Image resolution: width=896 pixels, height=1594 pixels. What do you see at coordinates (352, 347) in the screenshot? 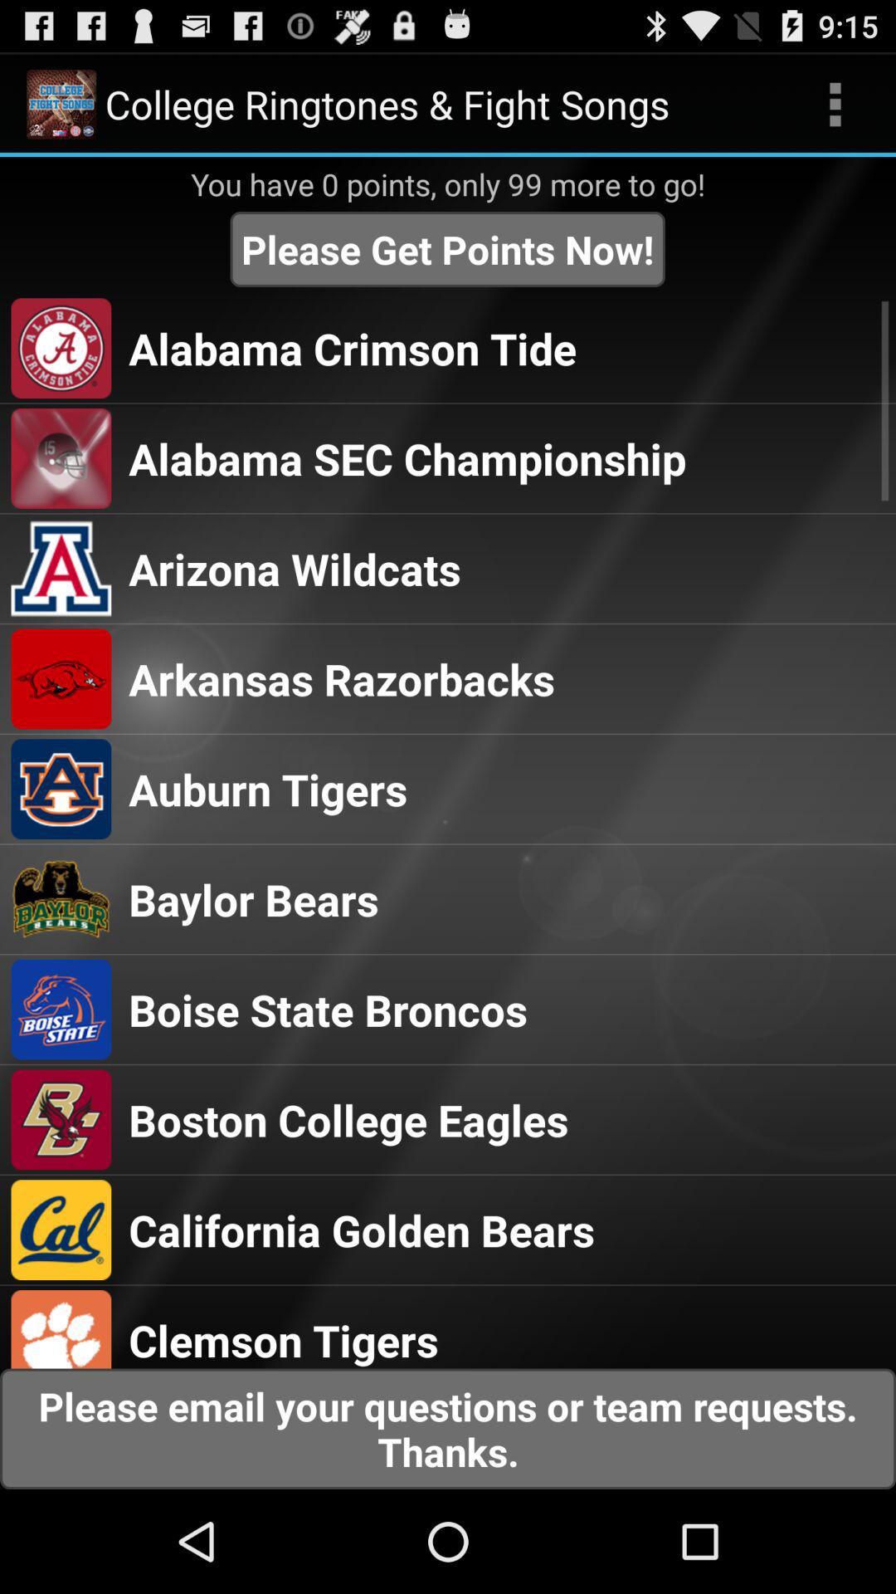
I see `the app above the alabama sec championship item` at bounding box center [352, 347].